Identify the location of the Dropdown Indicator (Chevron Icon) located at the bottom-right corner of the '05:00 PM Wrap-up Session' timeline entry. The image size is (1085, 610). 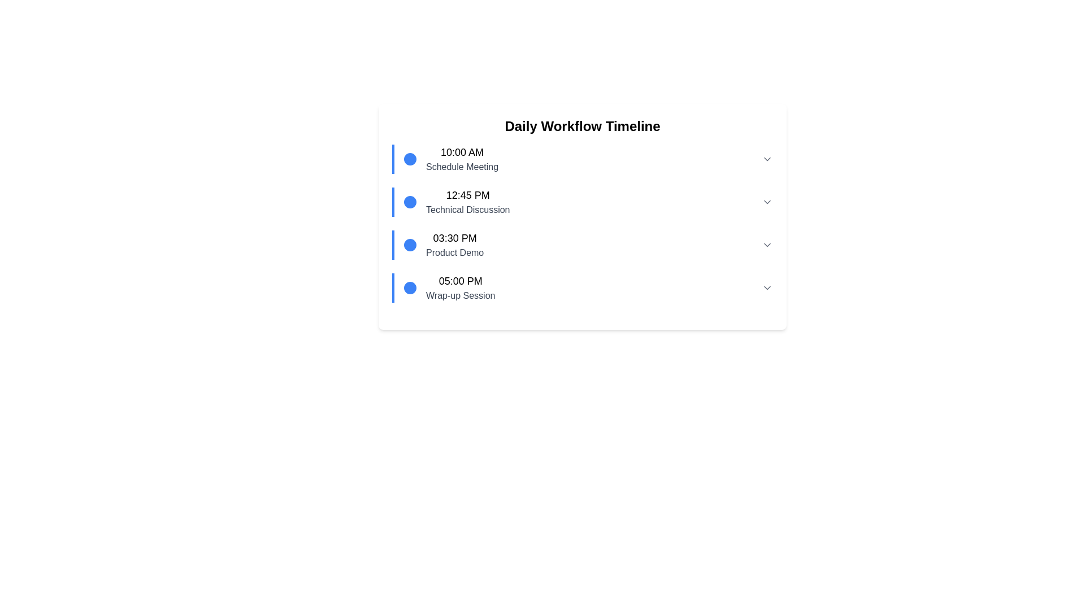
(767, 287).